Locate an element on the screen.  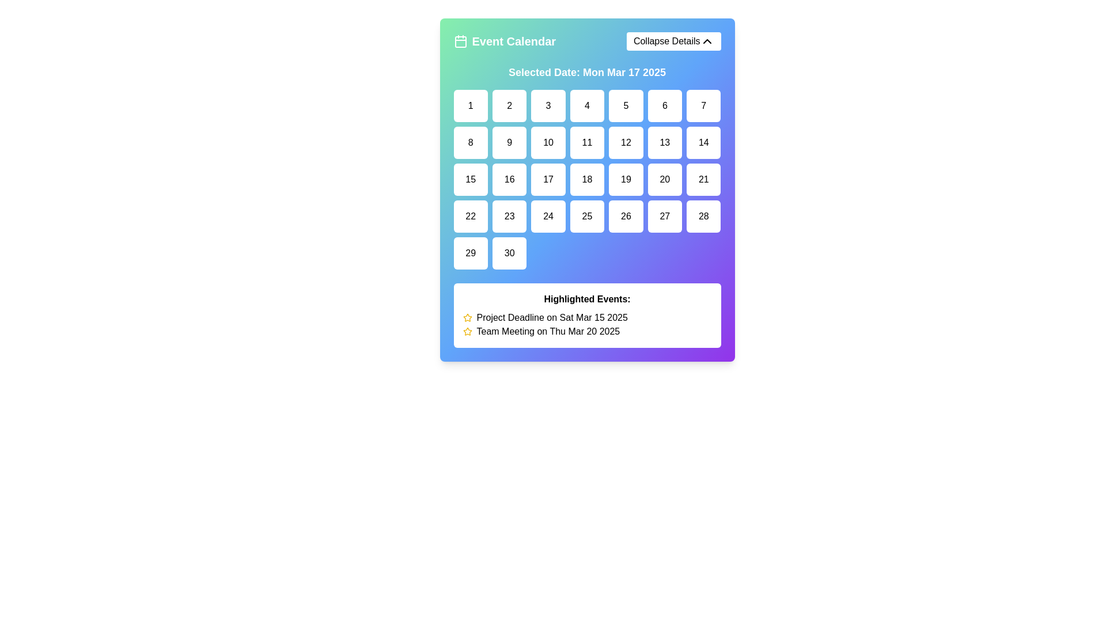
the button representing the 29th day in the calendar grid to observe the hover effect is located at coordinates (471, 252).